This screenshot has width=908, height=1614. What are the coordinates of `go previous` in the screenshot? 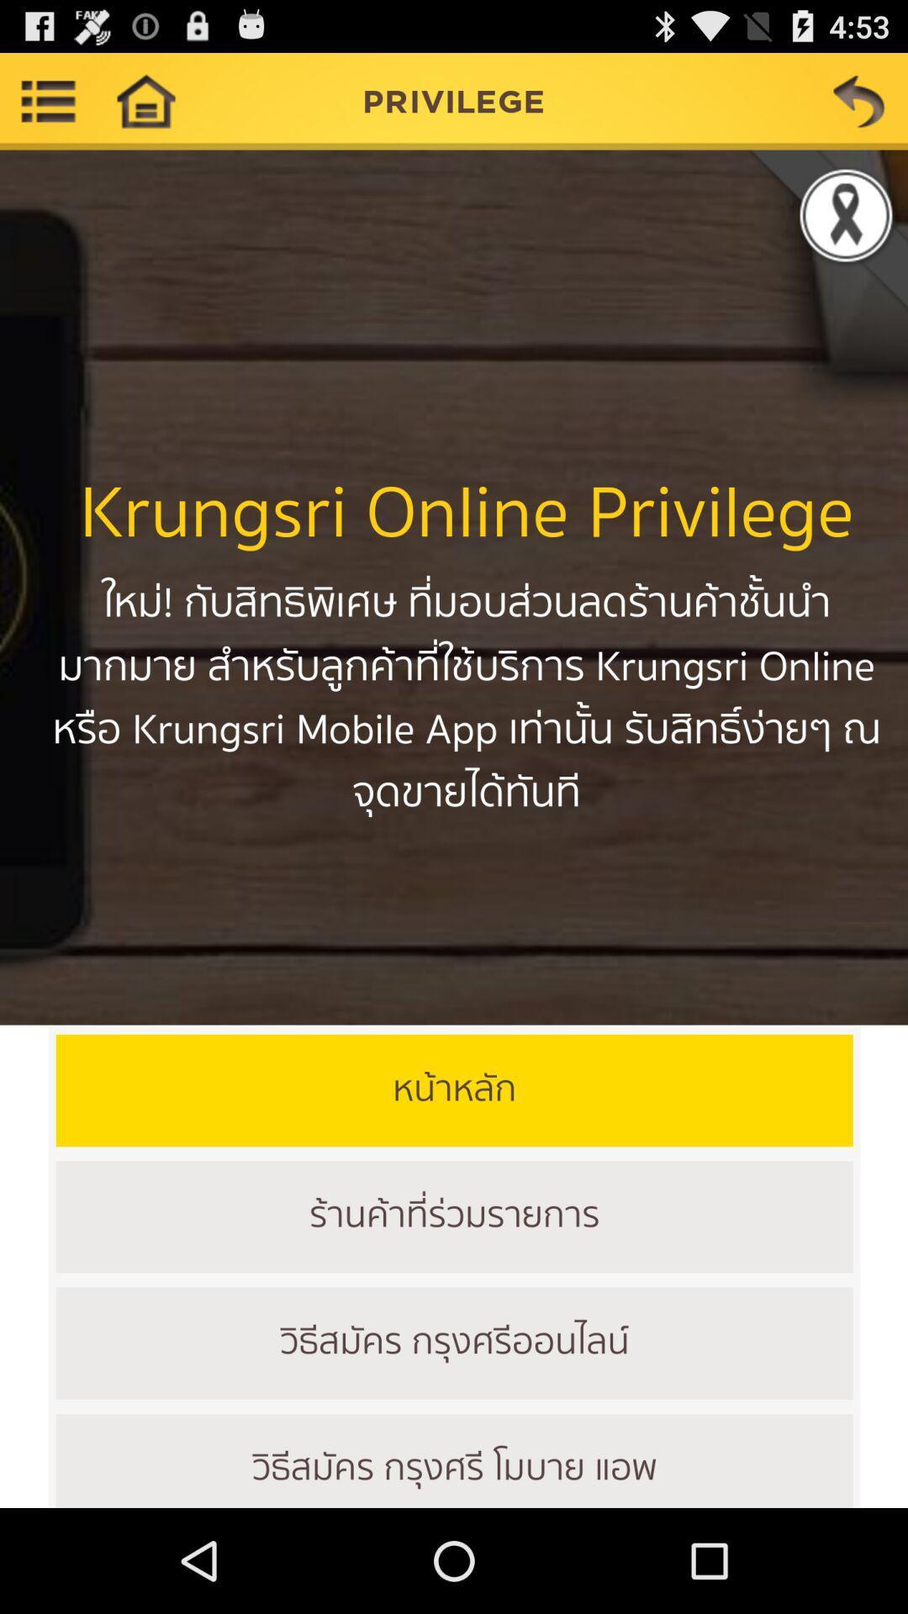 It's located at (859, 100).